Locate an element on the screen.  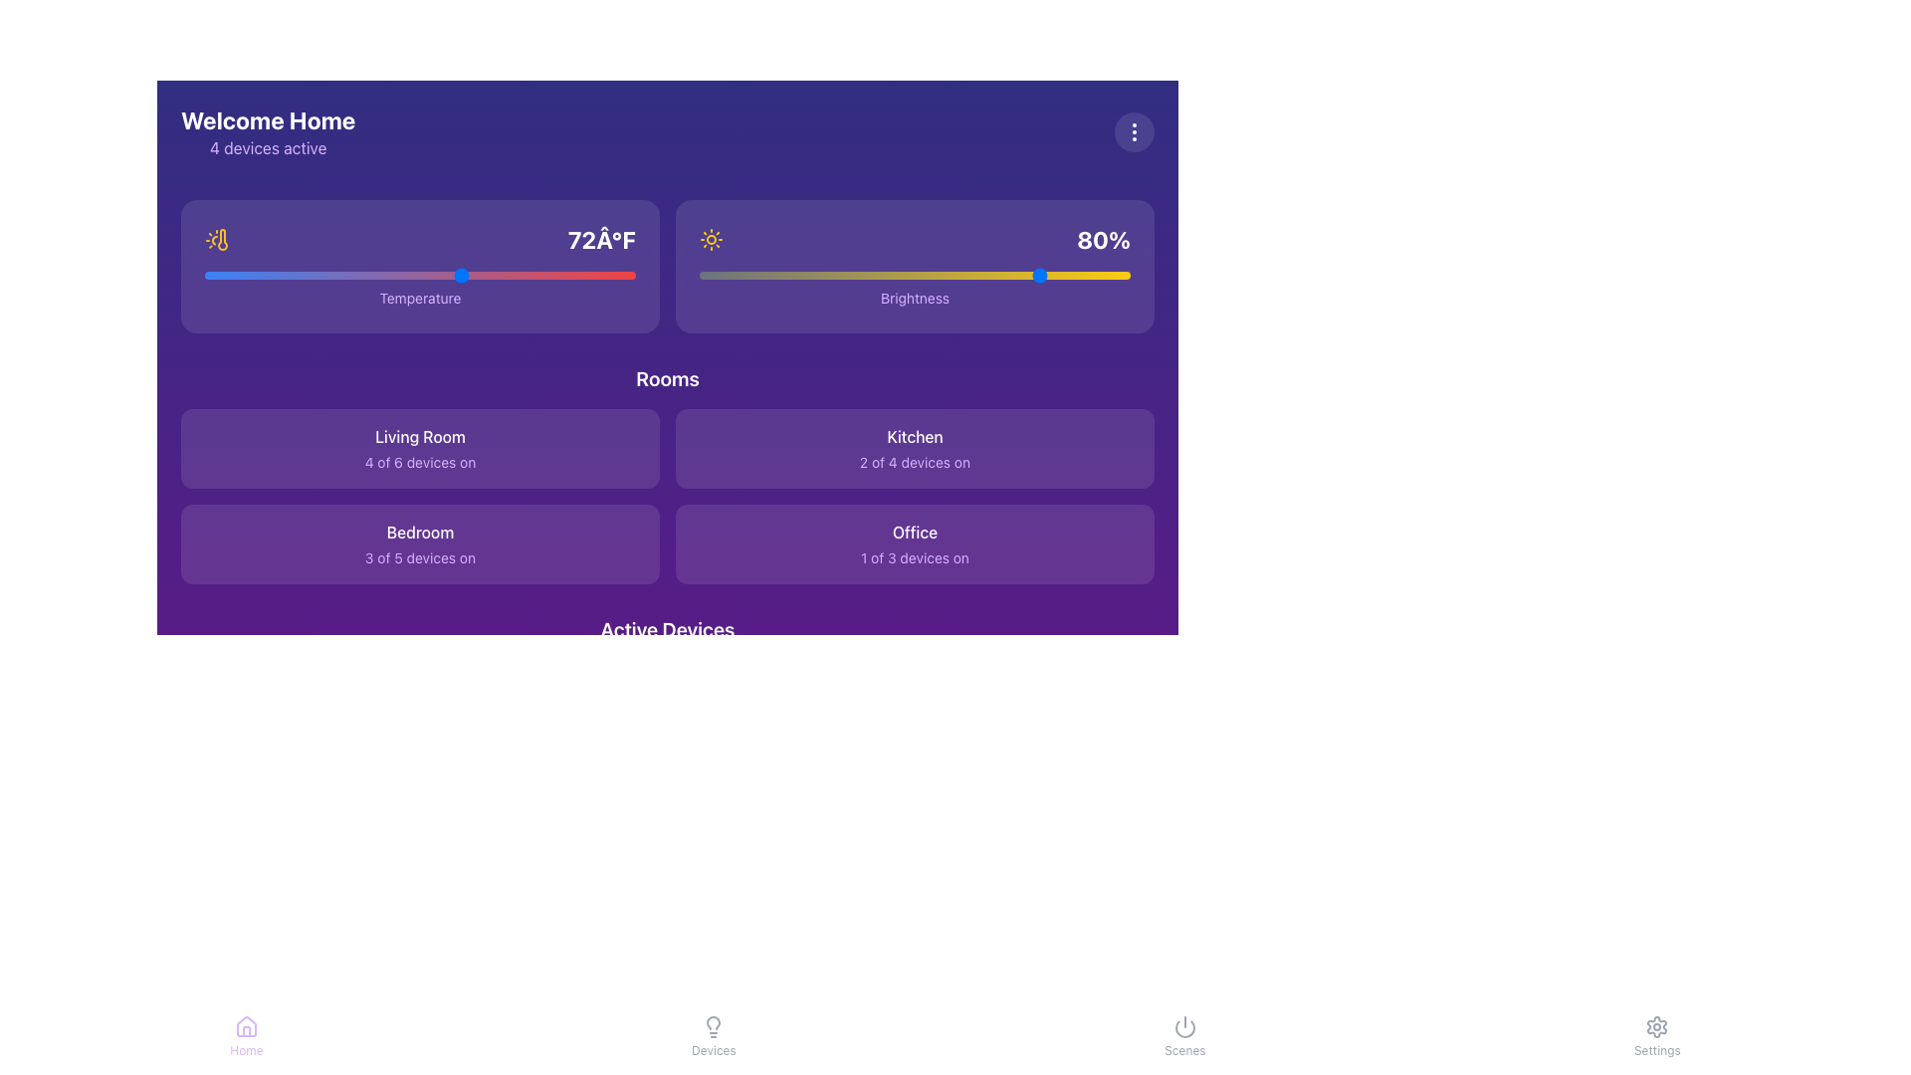
the temperature is located at coordinates (226, 276).